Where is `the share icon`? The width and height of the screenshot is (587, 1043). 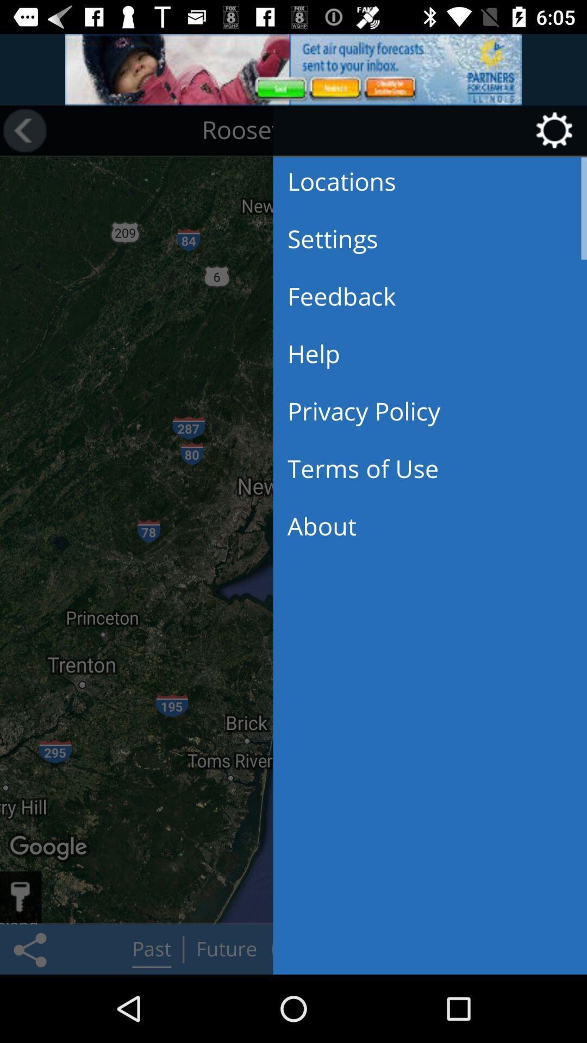
the share icon is located at coordinates (32, 948).